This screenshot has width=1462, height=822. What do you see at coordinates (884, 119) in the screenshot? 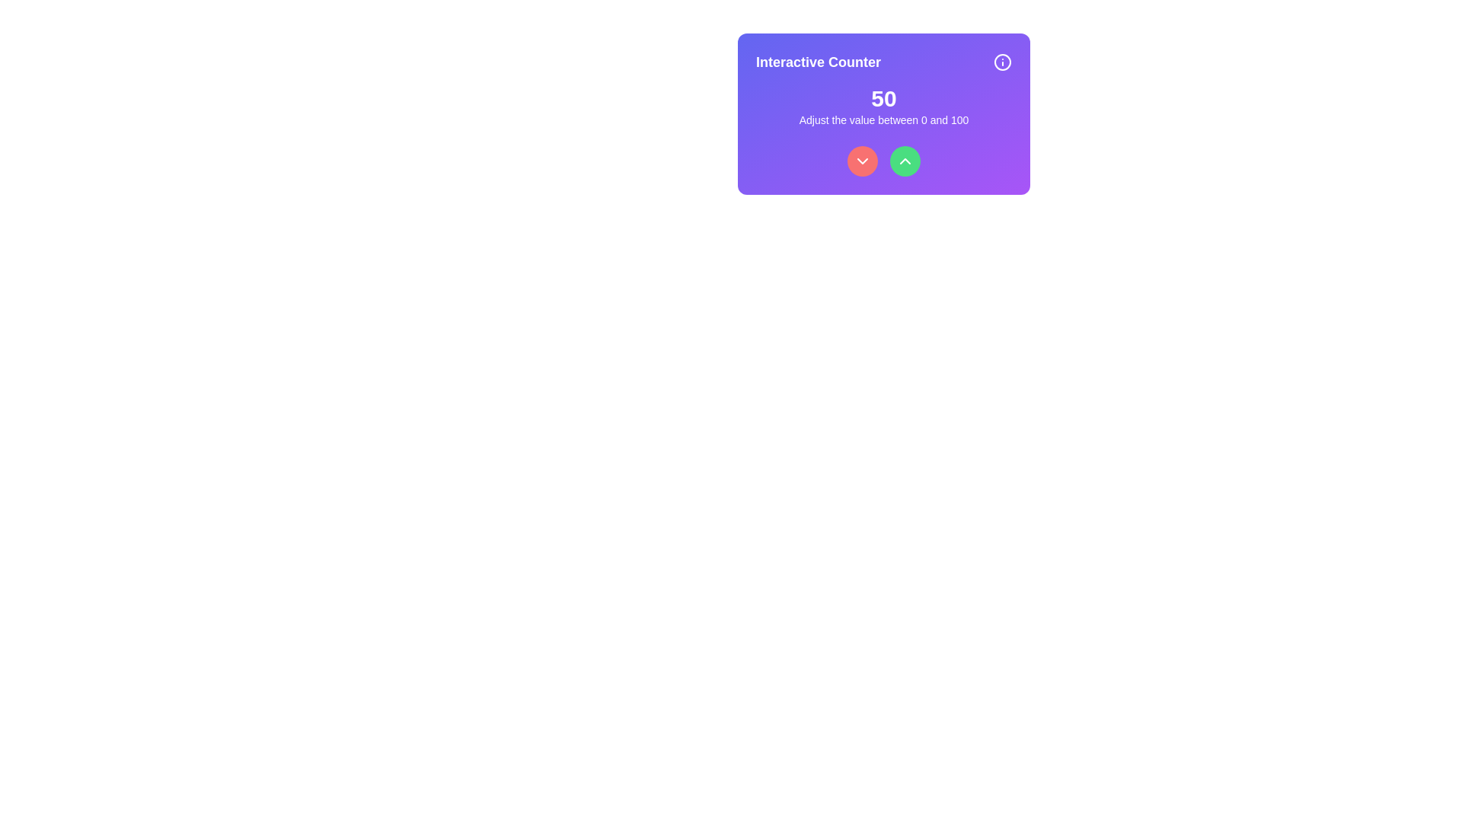
I see `the Text label that provides instructions about adjusting a value, located beneath the sibling element displaying '50', within a purple background` at bounding box center [884, 119].